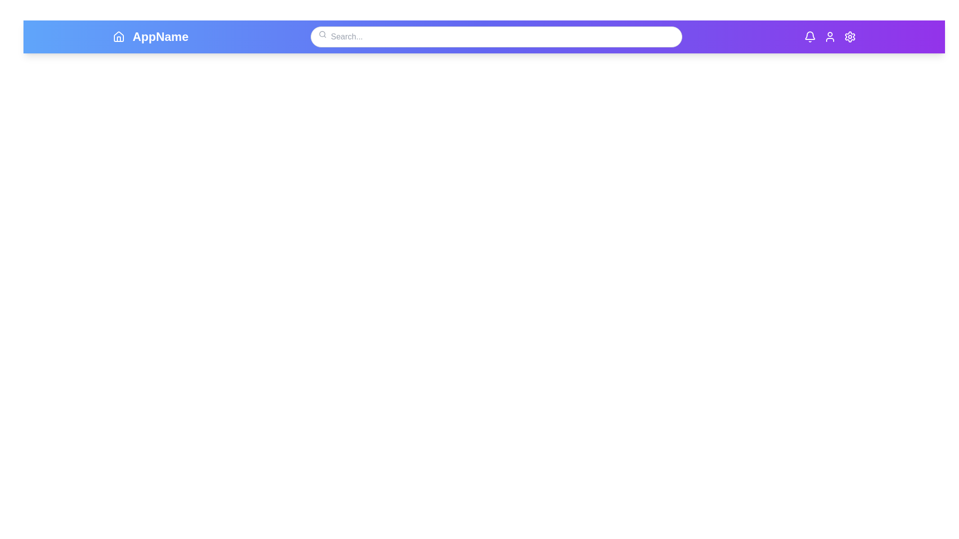 The width and height of the screenshot is (959, 539). Describe the element at coordinates (322, 34) in the screenshot. I see `the search icon located to the left of the search bar` at that location.